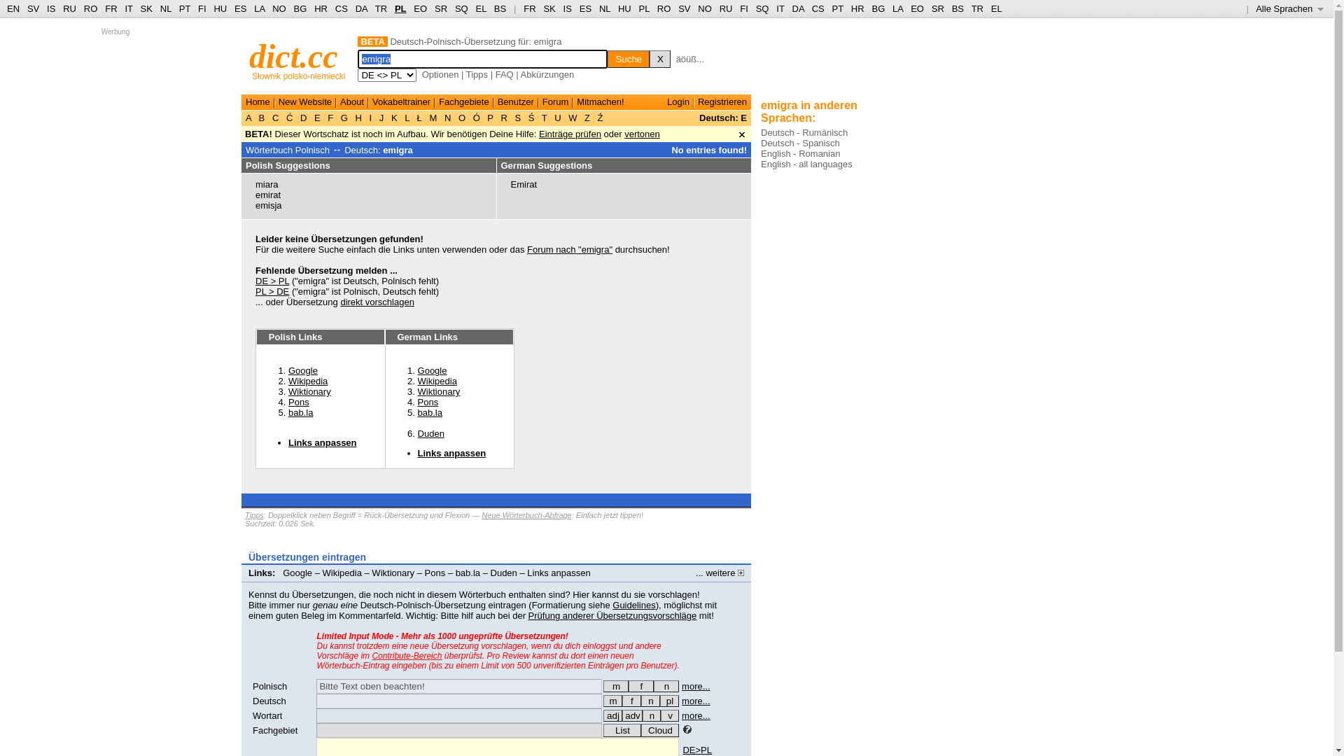 The image size is (1344, 756). What do you see at coordinates (344, 117) in the screenshot?
I see `'G'` at bounding box center [344, 117].